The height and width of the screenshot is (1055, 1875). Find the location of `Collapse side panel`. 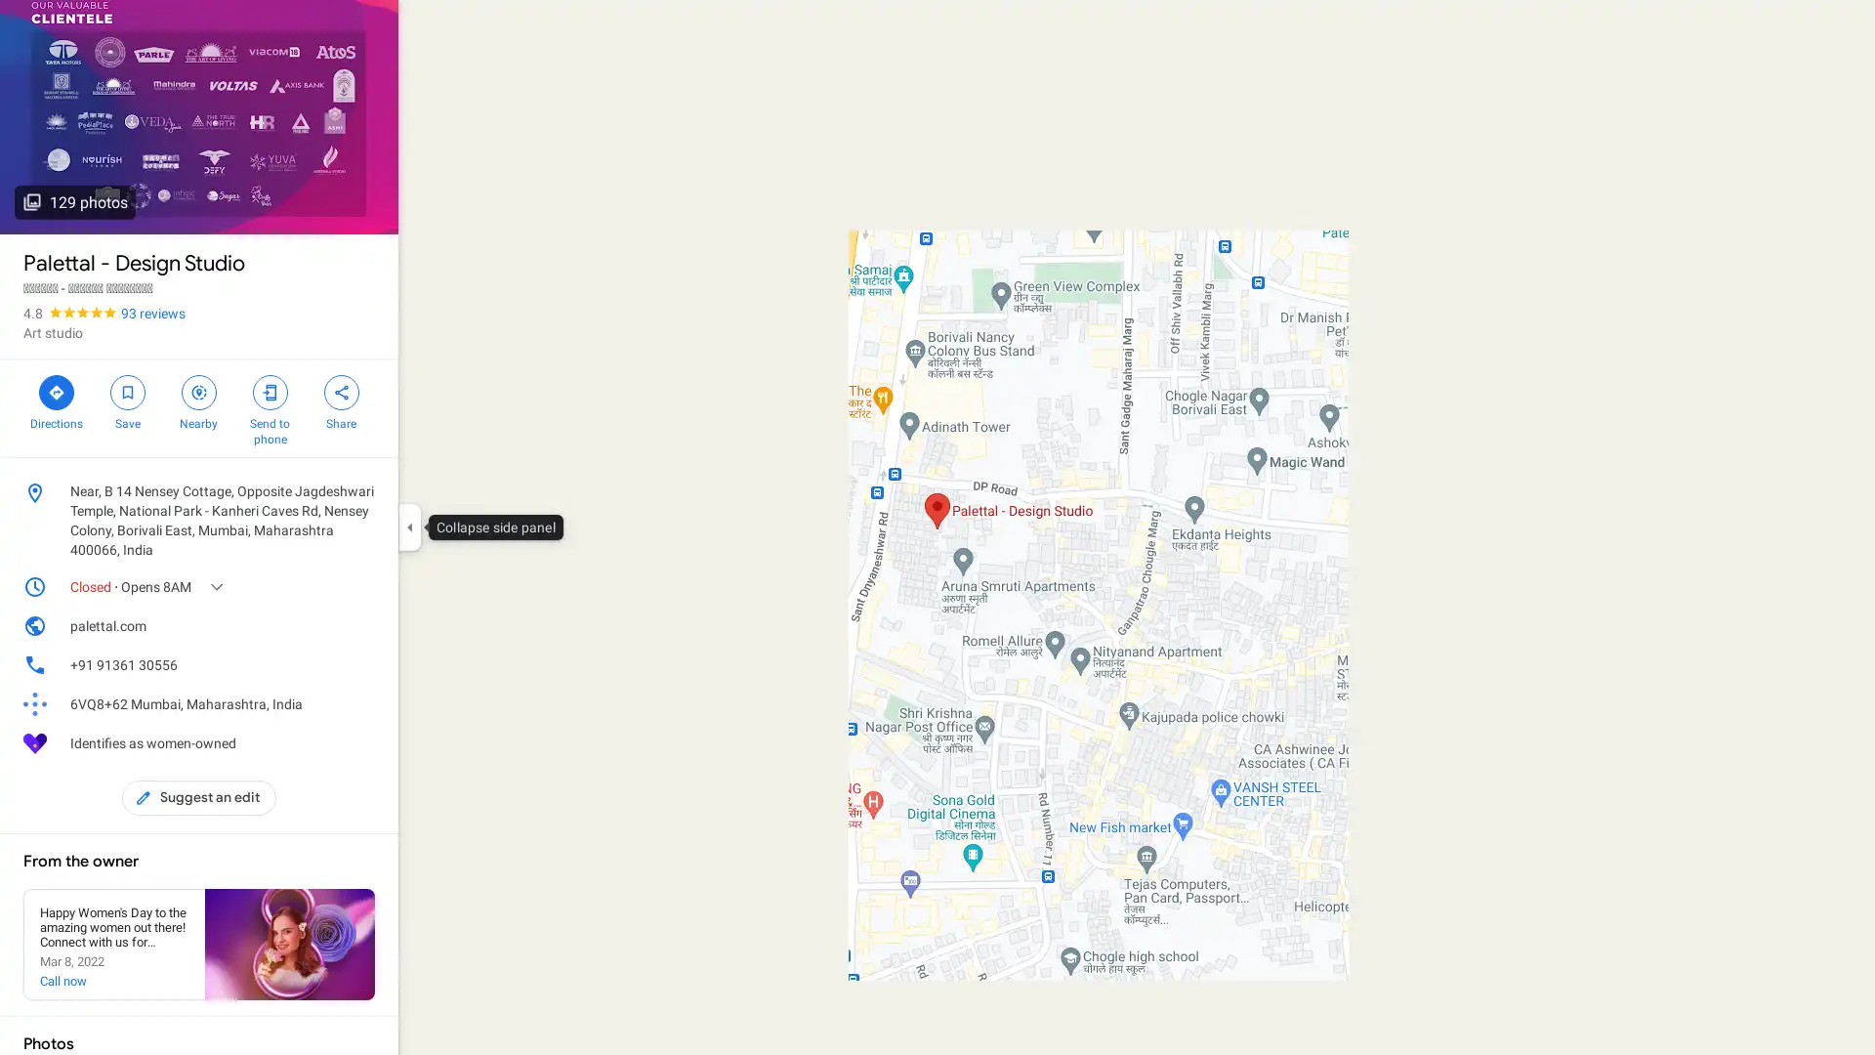

Collapse side panel is located at coordinates (408, 527).